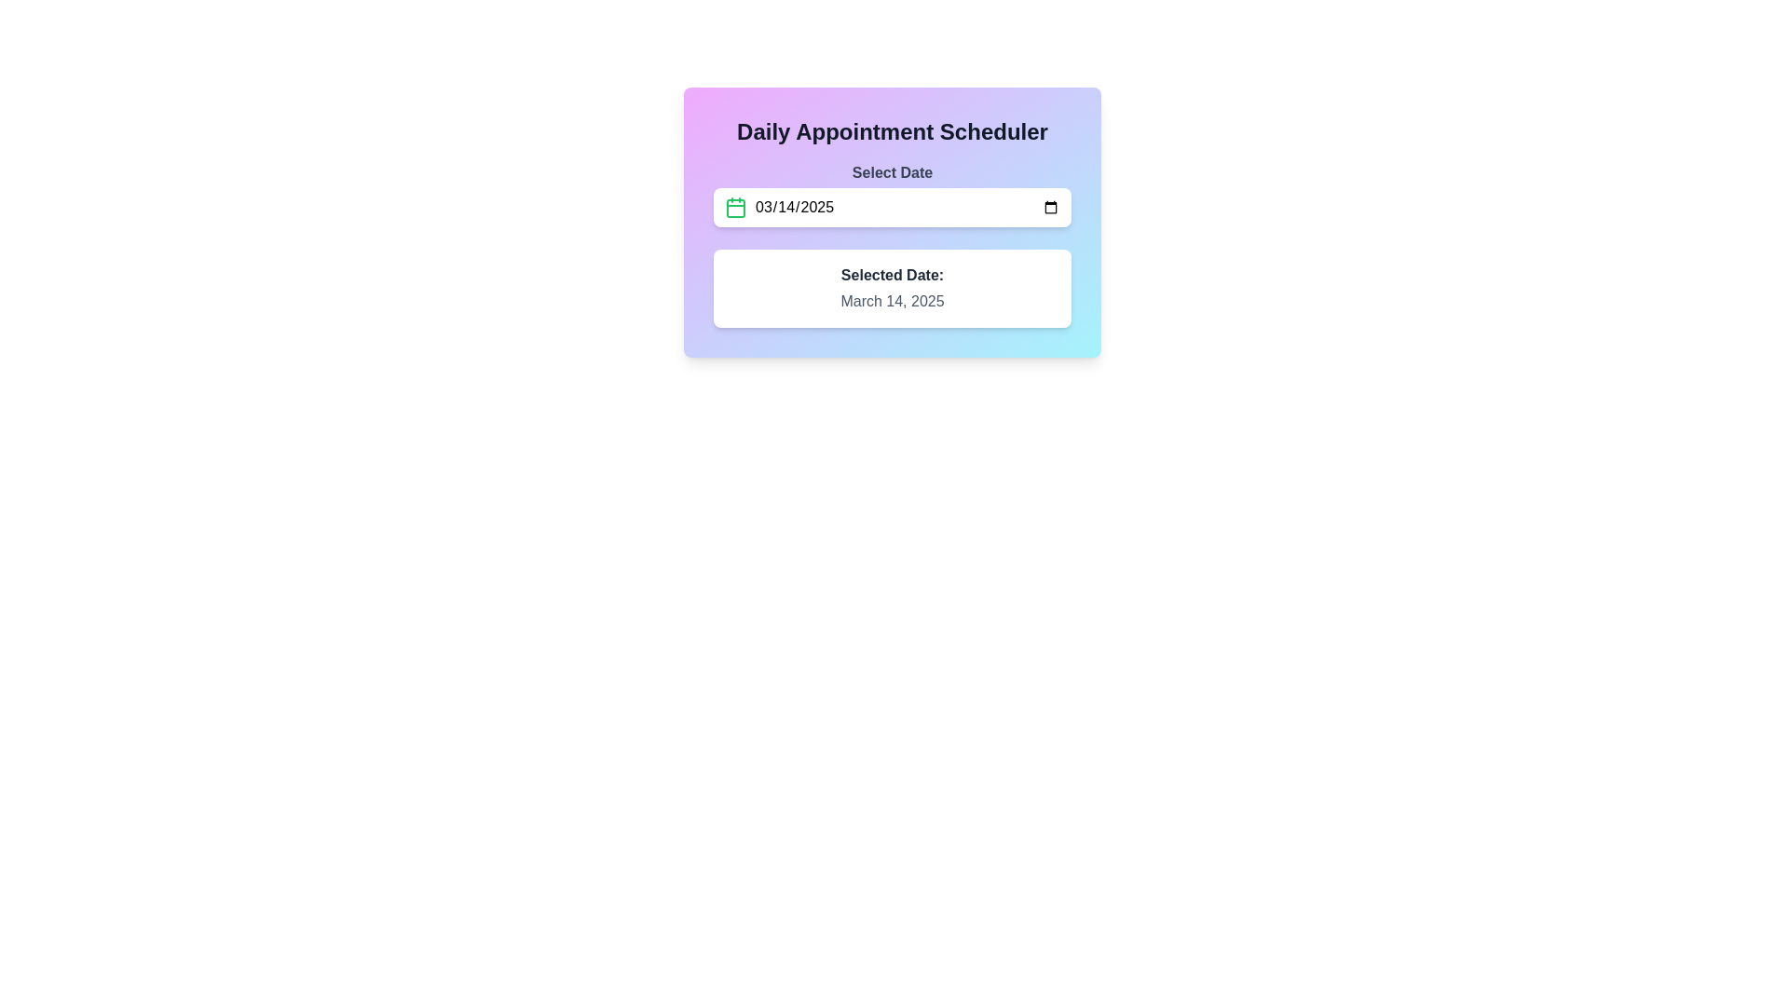 The height and width of the screenshot is (1006, 1789). Describe the element at coordinates (735, 208) in the screenshot. I see `the SVG graphic component (rounded square) styled with a green outline, which is located within a calendar icon before the date selector input field` at that location.